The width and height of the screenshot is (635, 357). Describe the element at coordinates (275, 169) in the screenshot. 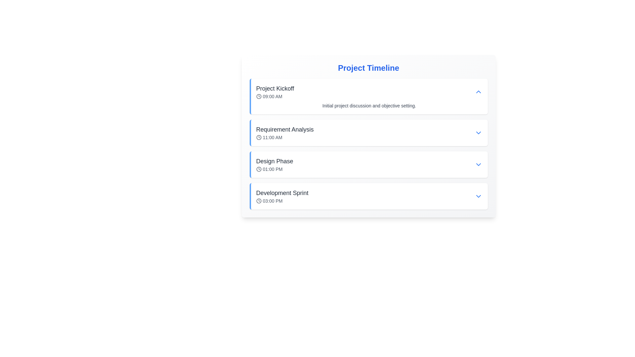

I see `the scheduled time text near the clock icon in the 'Design Phase' section of the project timeline to focus` at that location.